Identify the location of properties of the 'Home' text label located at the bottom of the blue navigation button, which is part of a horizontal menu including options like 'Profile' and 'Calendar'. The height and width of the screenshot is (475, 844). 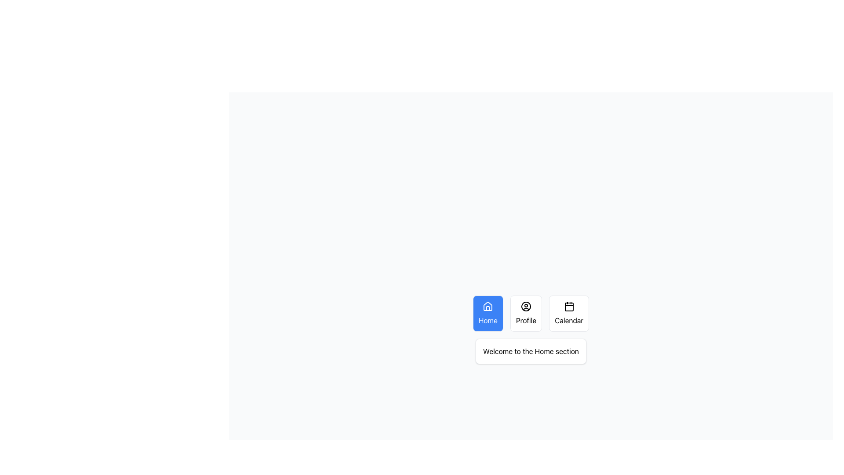
(487, 321).